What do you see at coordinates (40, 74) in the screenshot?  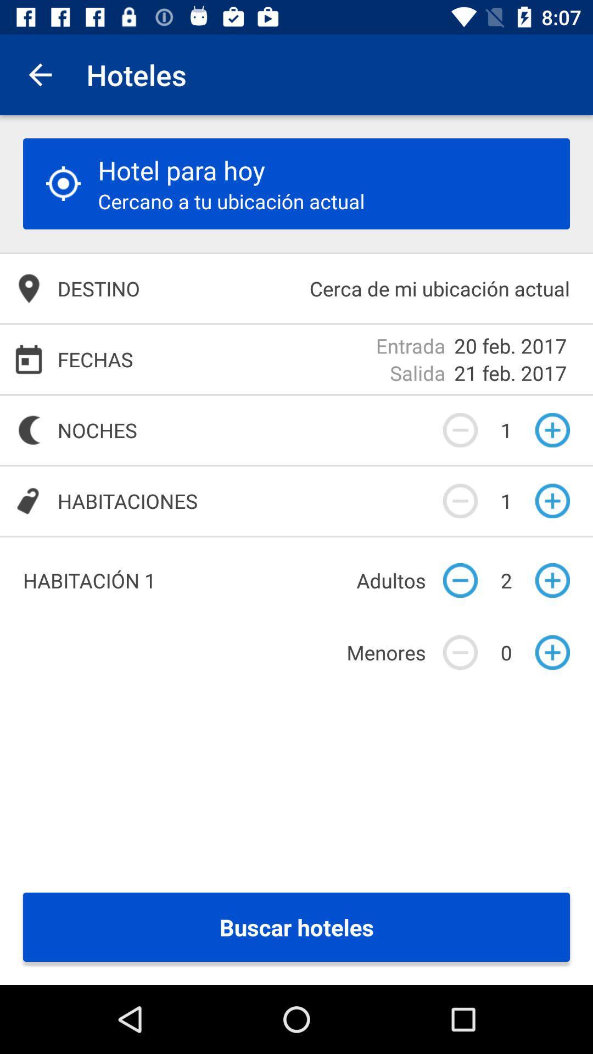 I see `the app next to hoteles icon` at bounding box center [40, 74].